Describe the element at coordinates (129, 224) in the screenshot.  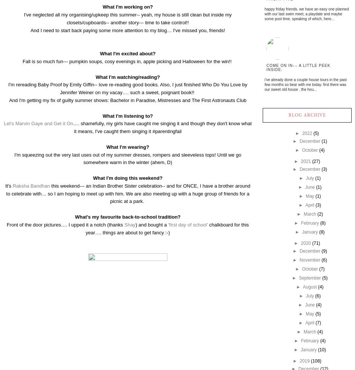
I see `'Shay'` at that location.